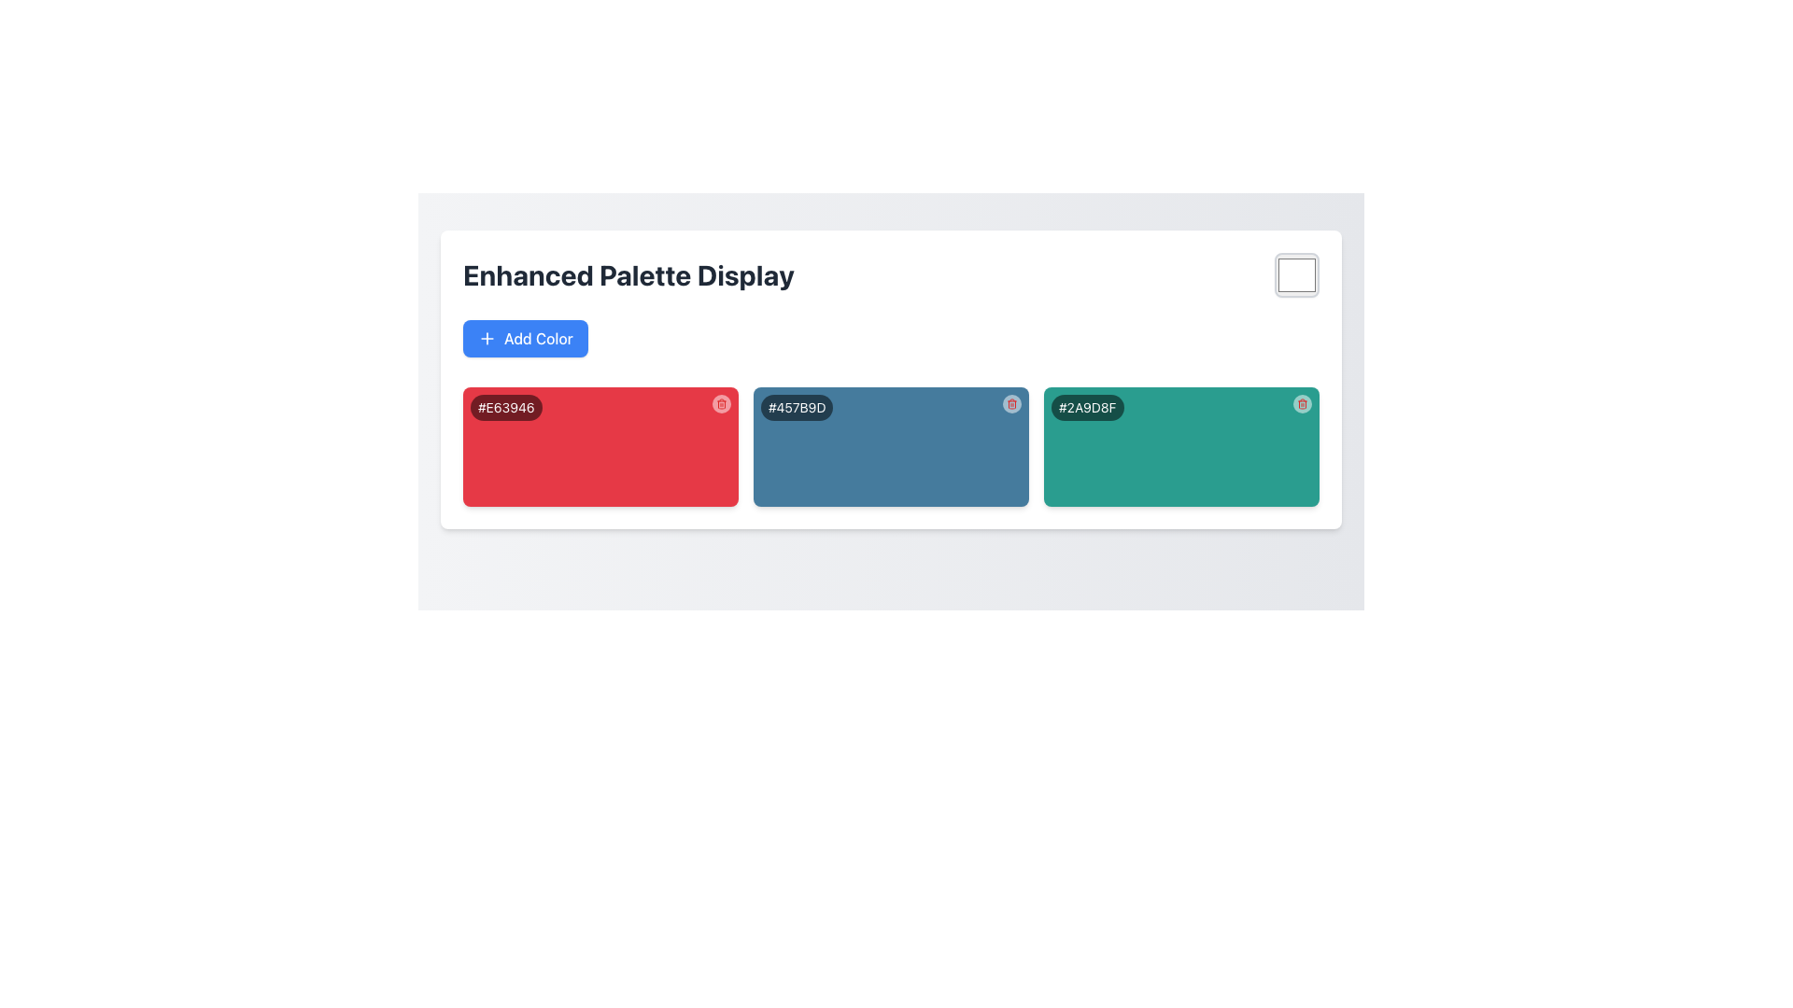 The image size is (1793, 1008). I want to click on the Color Preview Block that represents the color '#457B9D', so click(890, 413).